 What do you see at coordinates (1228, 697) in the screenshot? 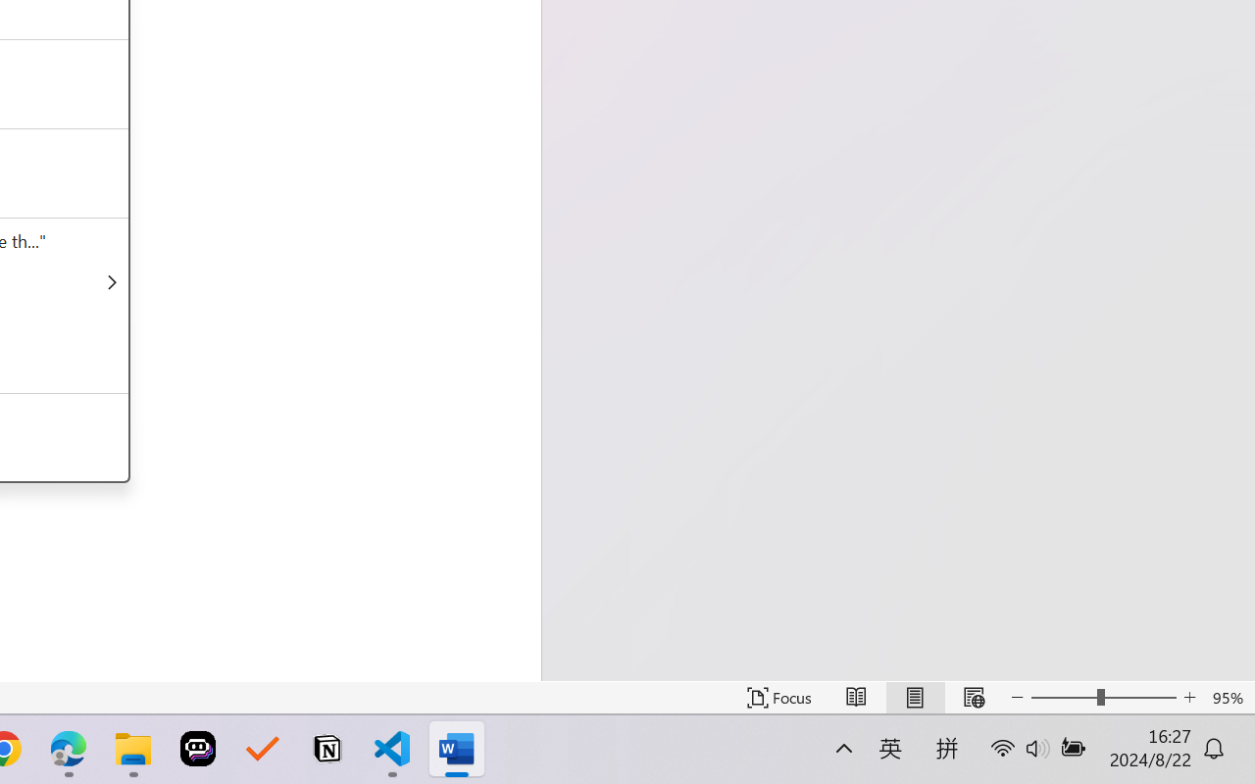
I see `'Zoom 95%'` at bounding box center [1228, 697].